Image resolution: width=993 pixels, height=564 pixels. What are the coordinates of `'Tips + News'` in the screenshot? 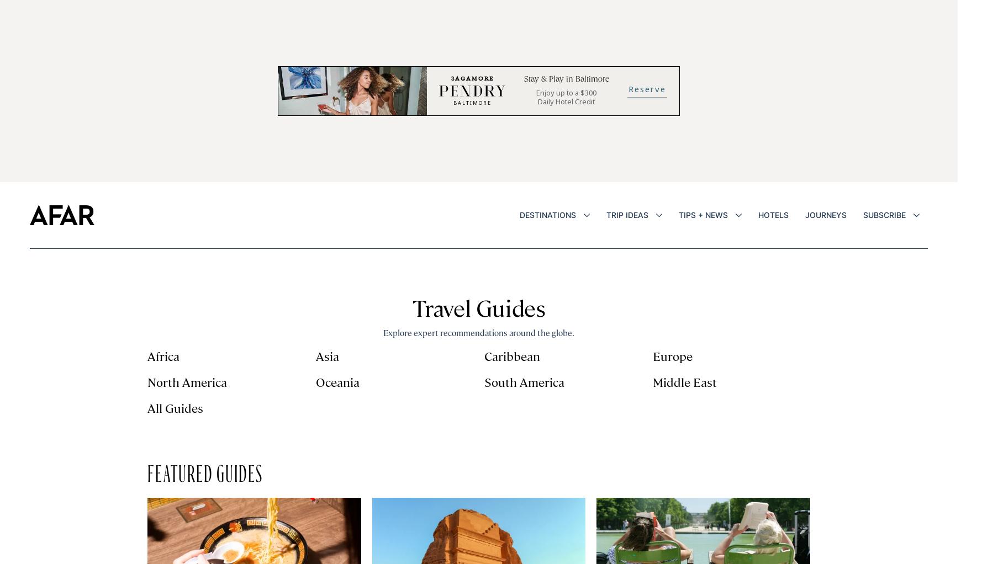 It's located at (703, 214).